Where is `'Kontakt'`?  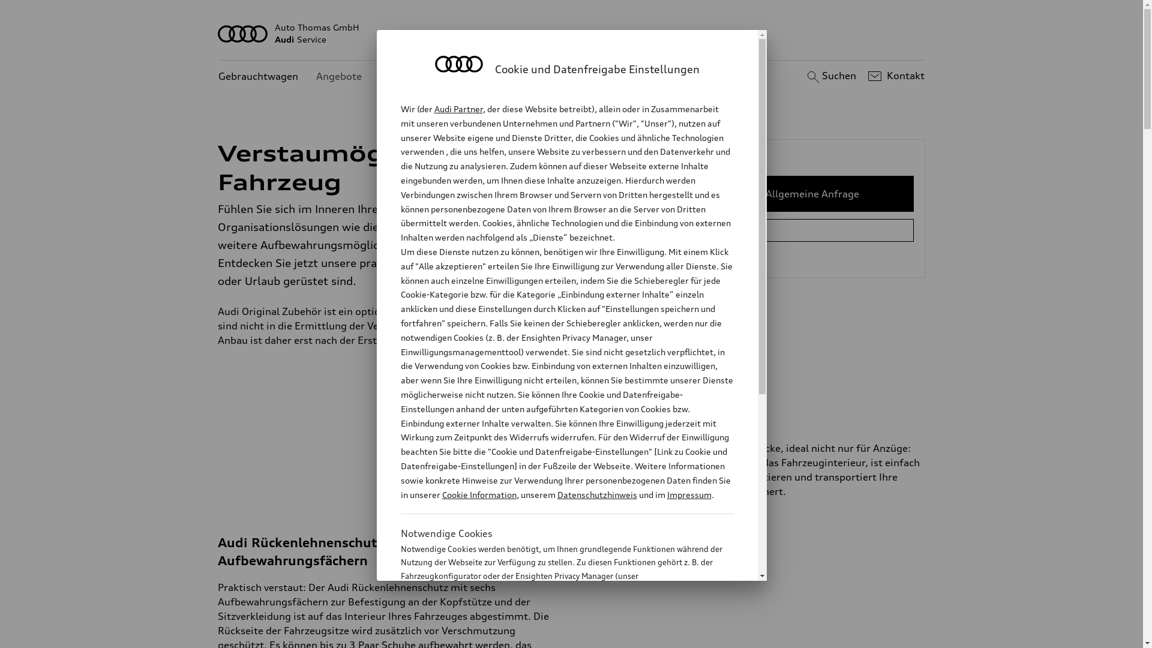 'Kontakt' is located at coordinates (895, 76).